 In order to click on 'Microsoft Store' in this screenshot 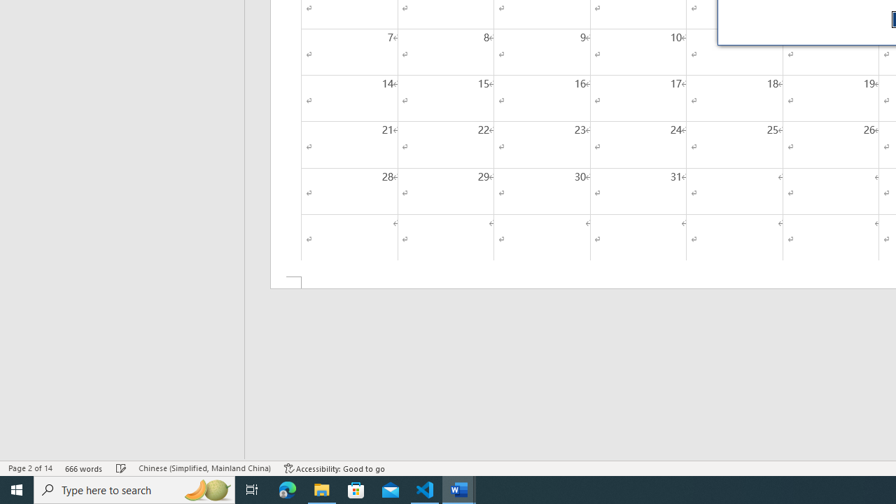, I will do `click(356, 489)`.